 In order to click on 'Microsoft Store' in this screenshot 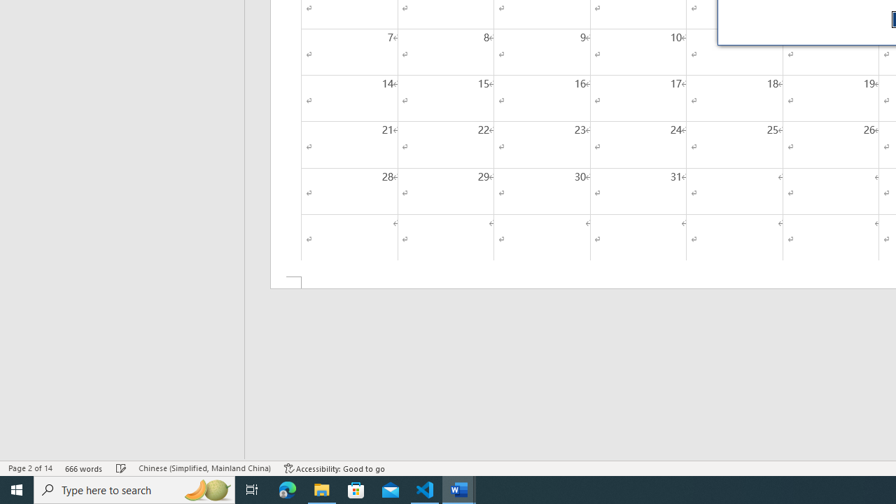, I will do `click(356, 489)`.